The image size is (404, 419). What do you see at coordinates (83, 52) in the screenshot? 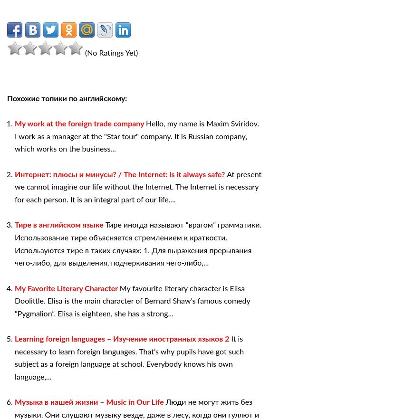
I see `'(No Ratings Yet)'` at bounding box center [83, 52].